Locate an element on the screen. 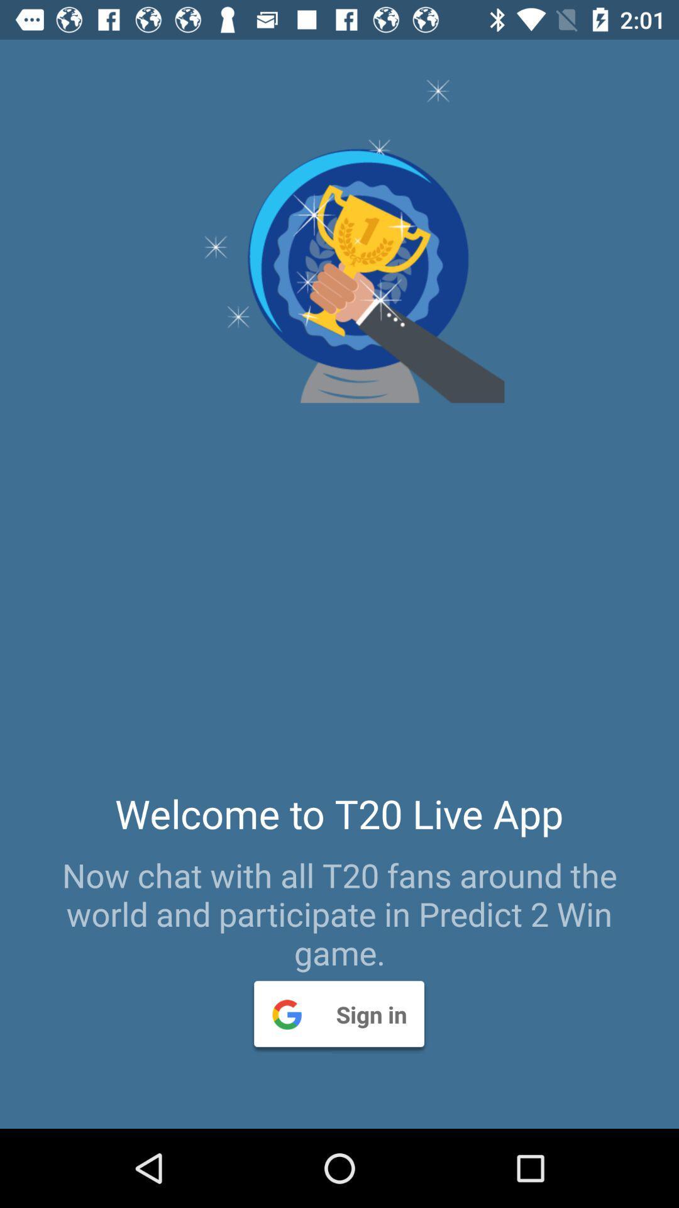 Image resolution: width=679 pixels, height=1208 pixels. the item below the now chat with item is located at coordinates (338, 1014).